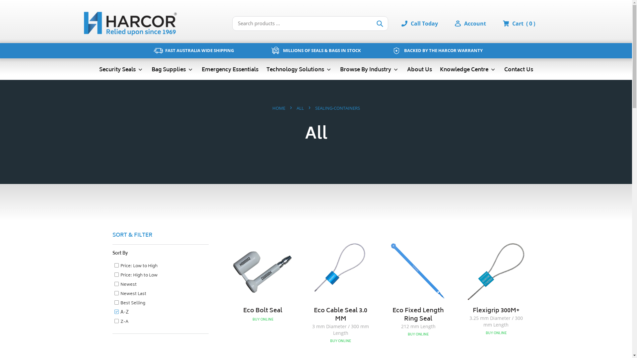  Describe the element at coordinates (523, 23) in the screenshot. I see `'Cart` at that location.